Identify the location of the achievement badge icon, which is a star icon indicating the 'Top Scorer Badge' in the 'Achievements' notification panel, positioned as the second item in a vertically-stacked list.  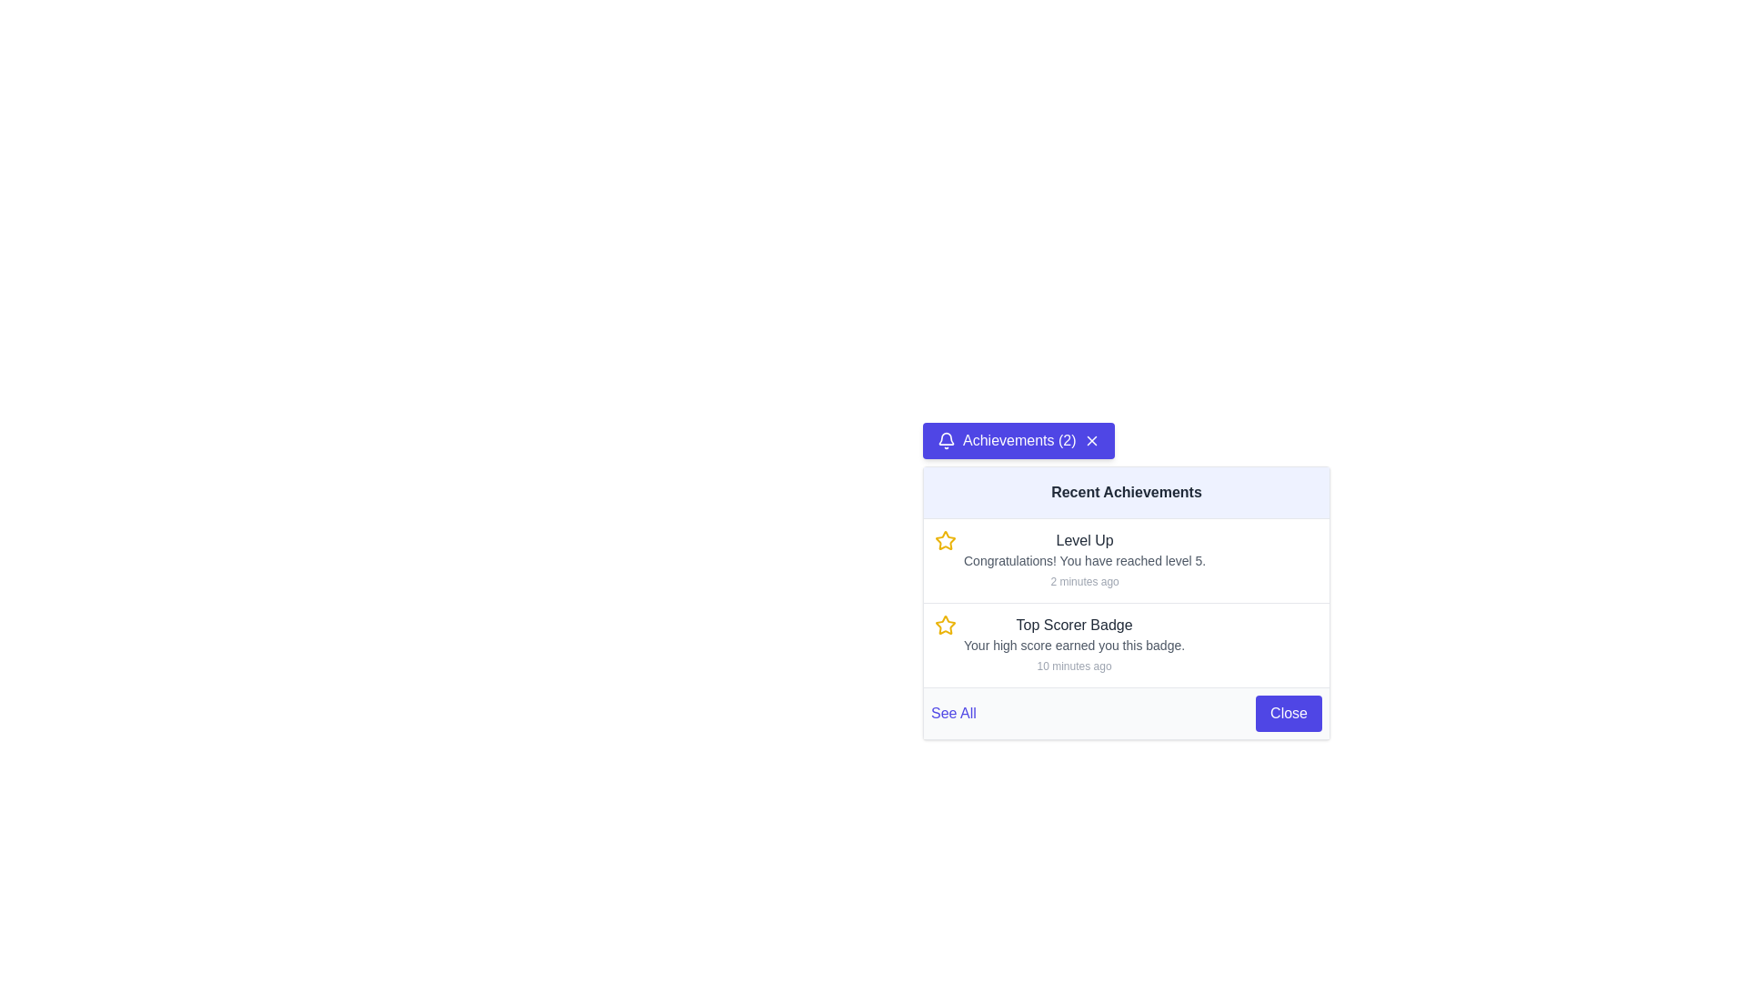
(946, 539).